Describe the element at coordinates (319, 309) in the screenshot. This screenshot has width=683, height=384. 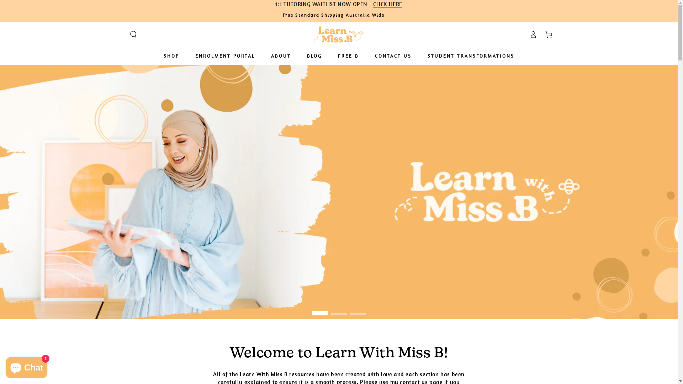
I see `'View slide 1'` at that location.